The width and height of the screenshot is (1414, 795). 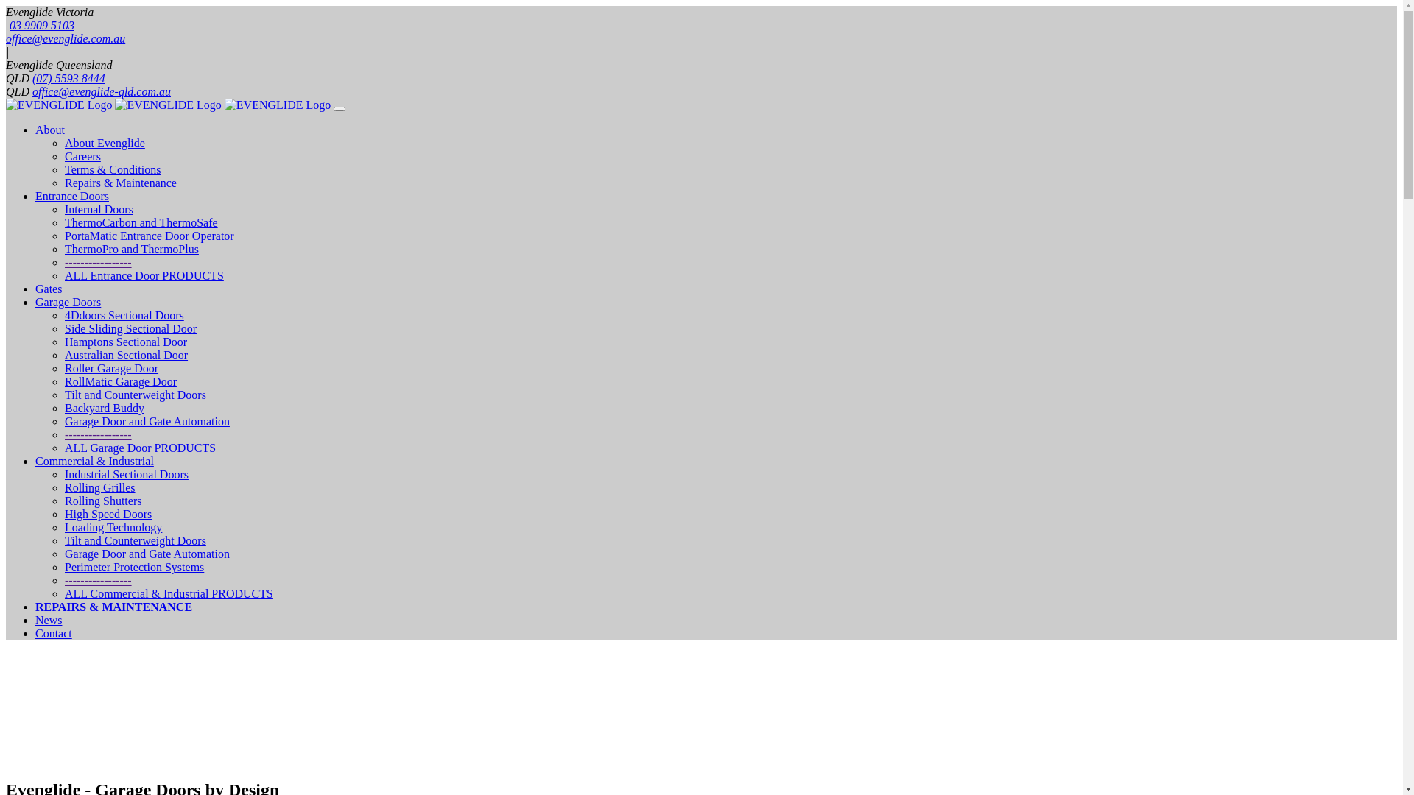 What do you see at coordinates (134, 566) in the screenshot?
I see `'Perimeter Protection Systems'` at bounding box center [134, 566].